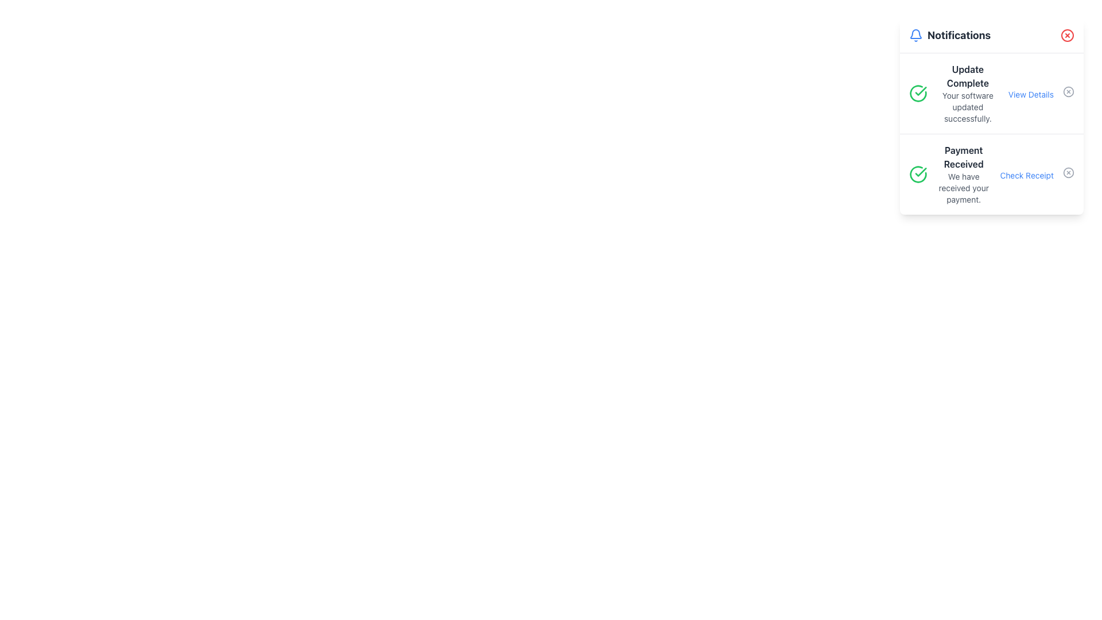 This screenshot has height=620, width=1102. Describe the element at coordinates (921, 172) in the screenshot. I see `the green checkmark icon within the second notification item in the notification panel to indicate confirmation` at that location.